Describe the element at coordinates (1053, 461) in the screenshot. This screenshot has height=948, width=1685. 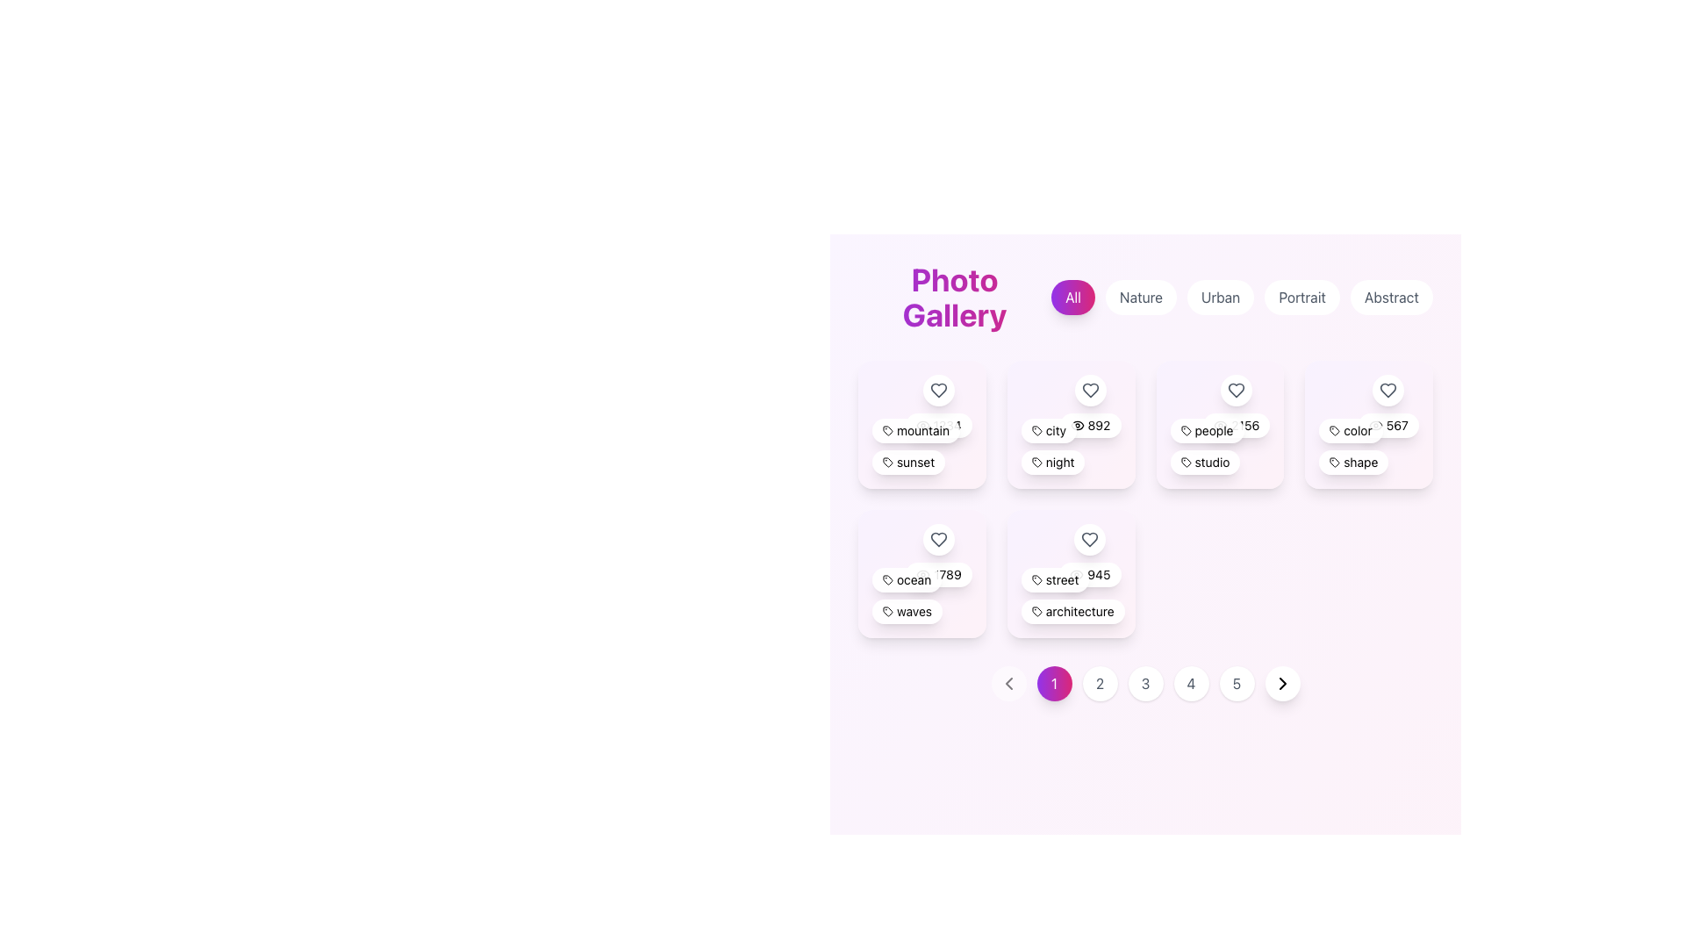
I see `the 'night' tag element, which is a small rounded rectangle with the text 'night' and a tag icon, to filter content` at that location.